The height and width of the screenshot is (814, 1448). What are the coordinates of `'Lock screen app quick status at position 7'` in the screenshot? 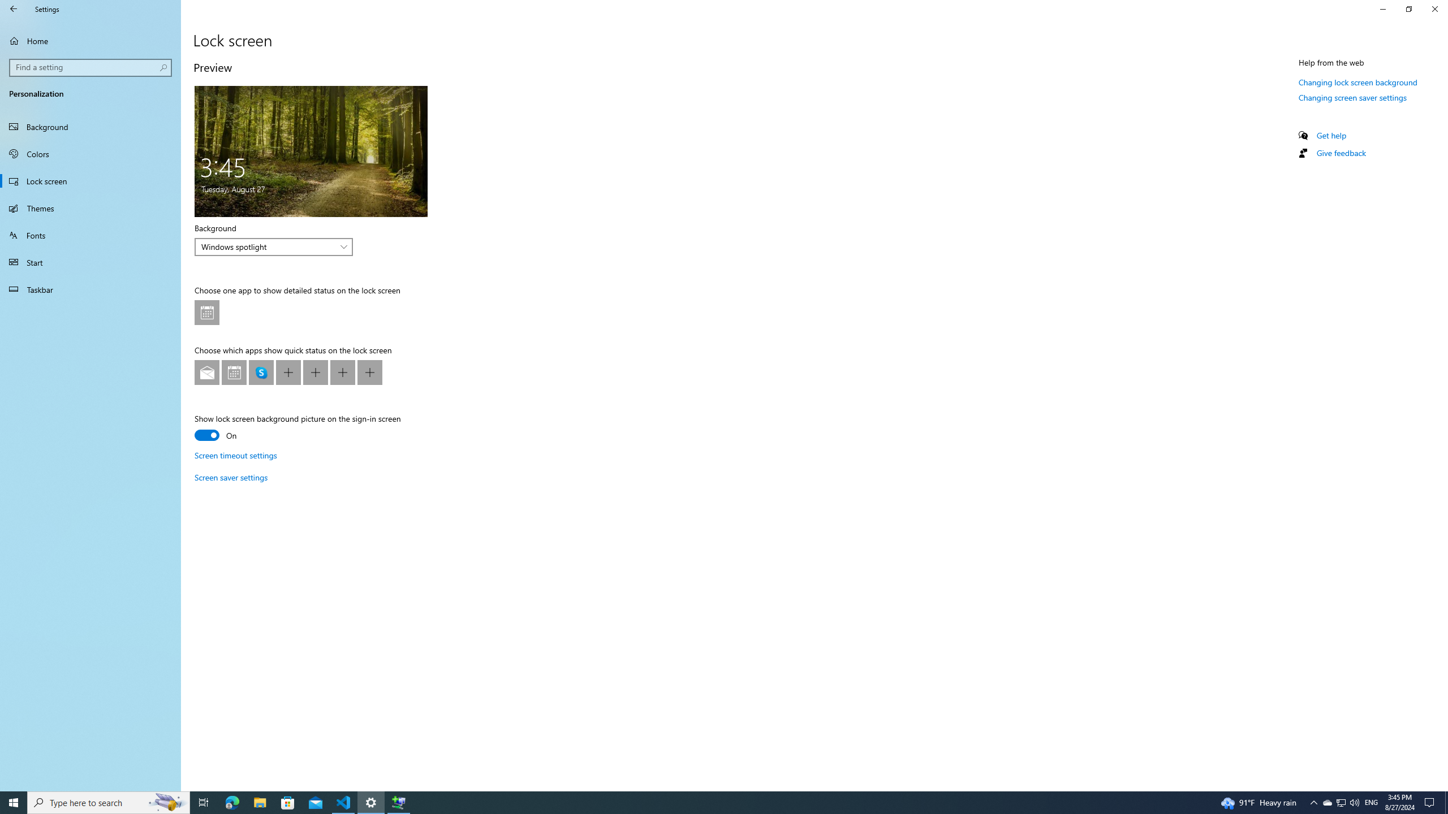 It's located at (369, 372).